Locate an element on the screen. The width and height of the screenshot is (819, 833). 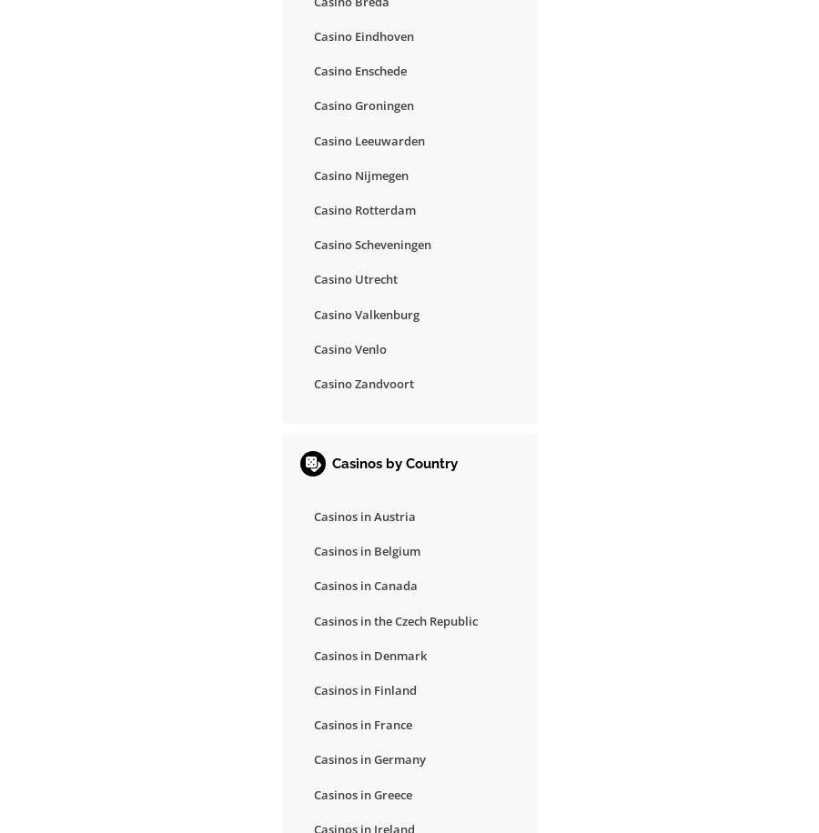
'Casinos in Germany' is located at coordinates (369, 759).